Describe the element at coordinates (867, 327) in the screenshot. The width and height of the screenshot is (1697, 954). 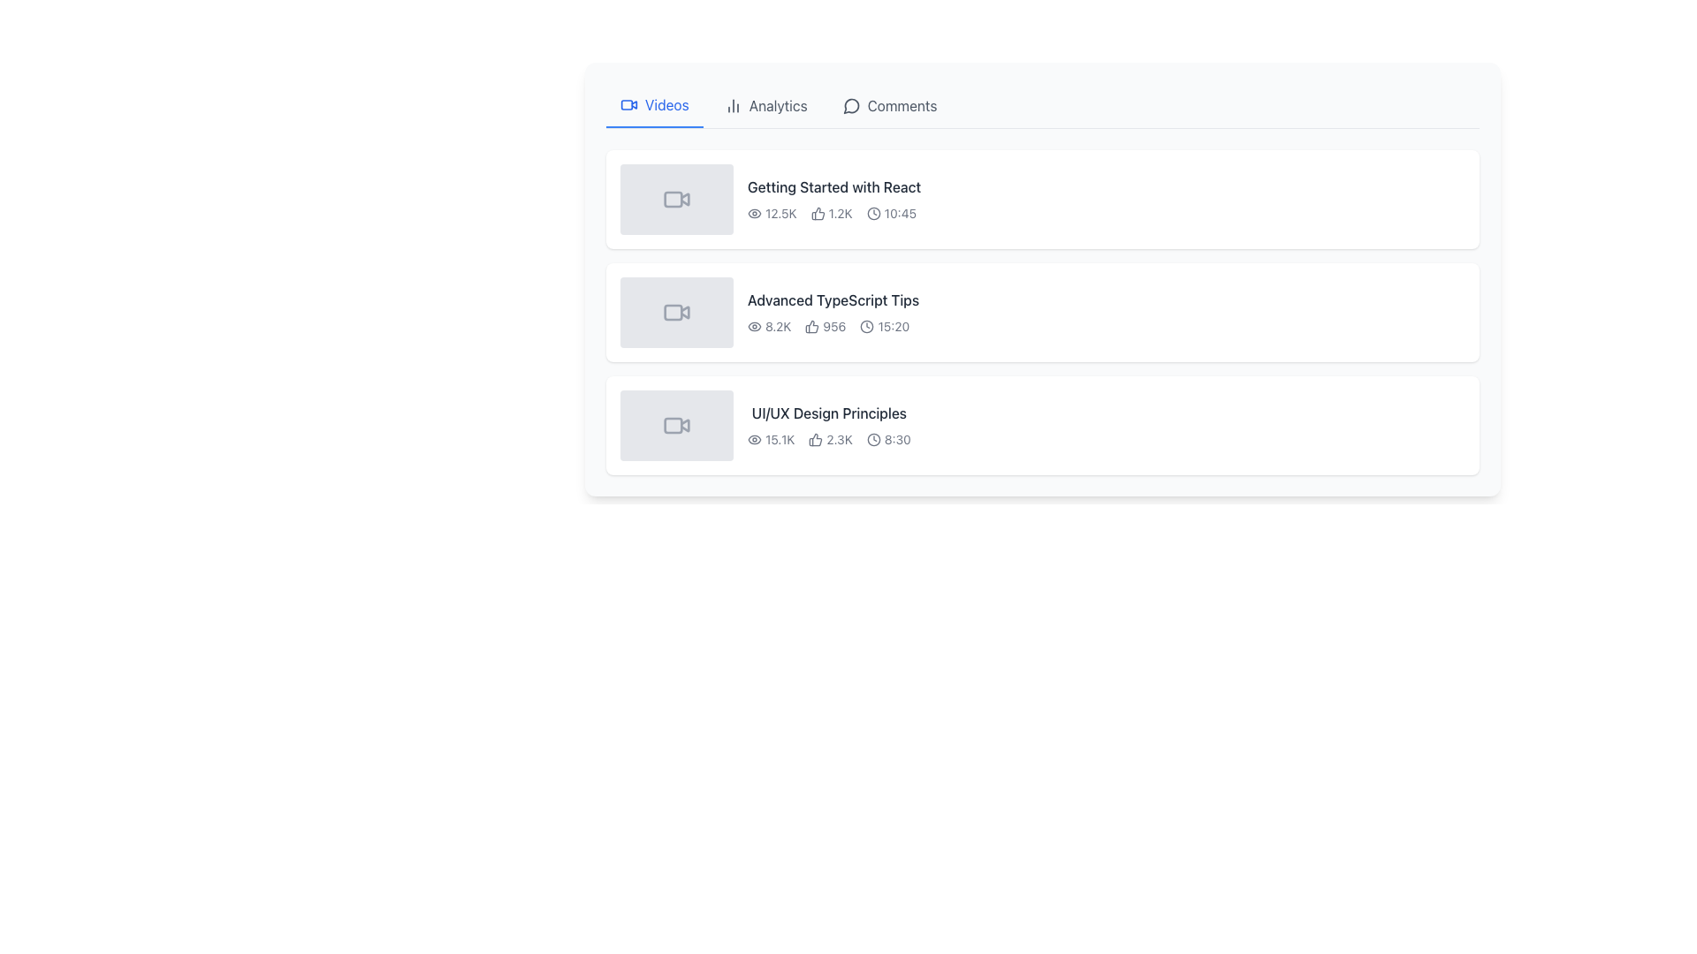
I see `the icon indicating a time duration or timestamp located to the left of the text '15:20' in the listing for 'Advanced TypeScript Tips'` at that location.